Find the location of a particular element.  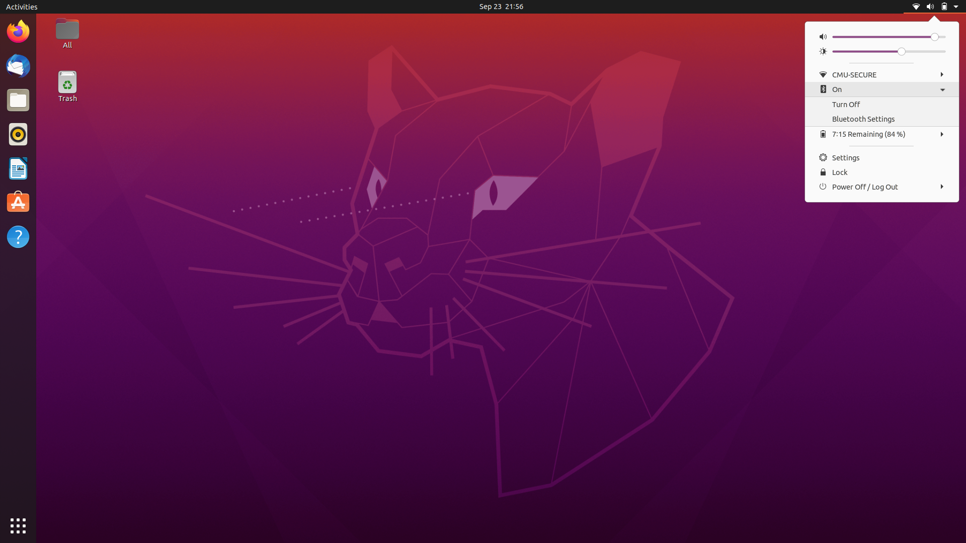

Increase Brightness is located at coordinates (941, 52).